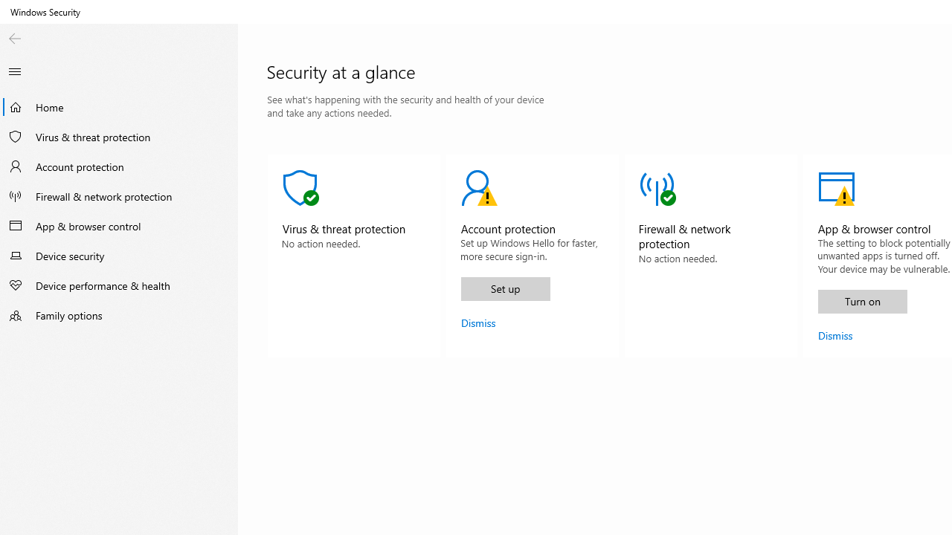  I want to click on 'App & browser control', so click(119, 225).